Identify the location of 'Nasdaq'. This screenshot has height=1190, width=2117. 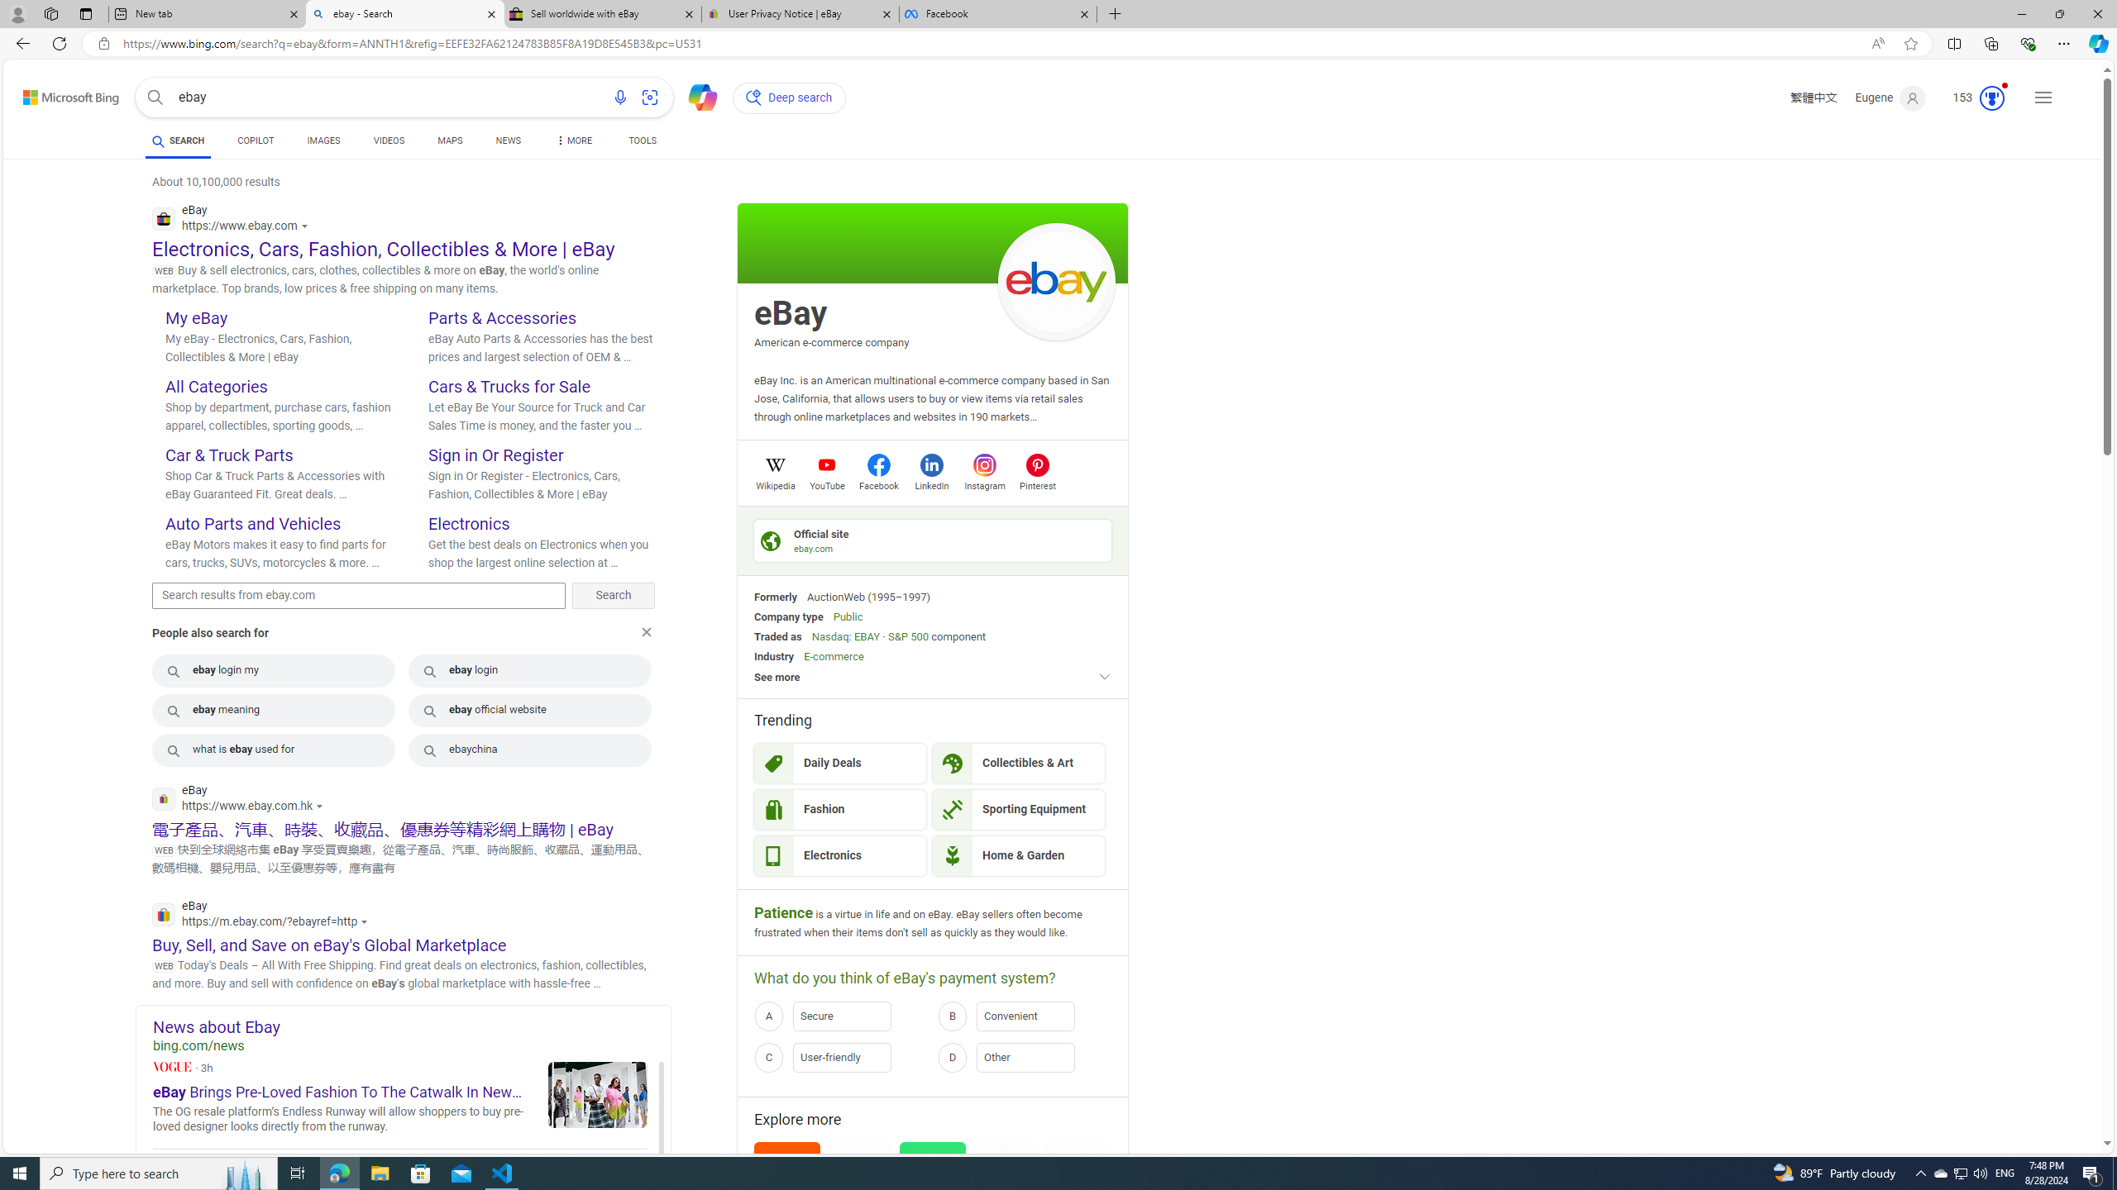
(829, 635).